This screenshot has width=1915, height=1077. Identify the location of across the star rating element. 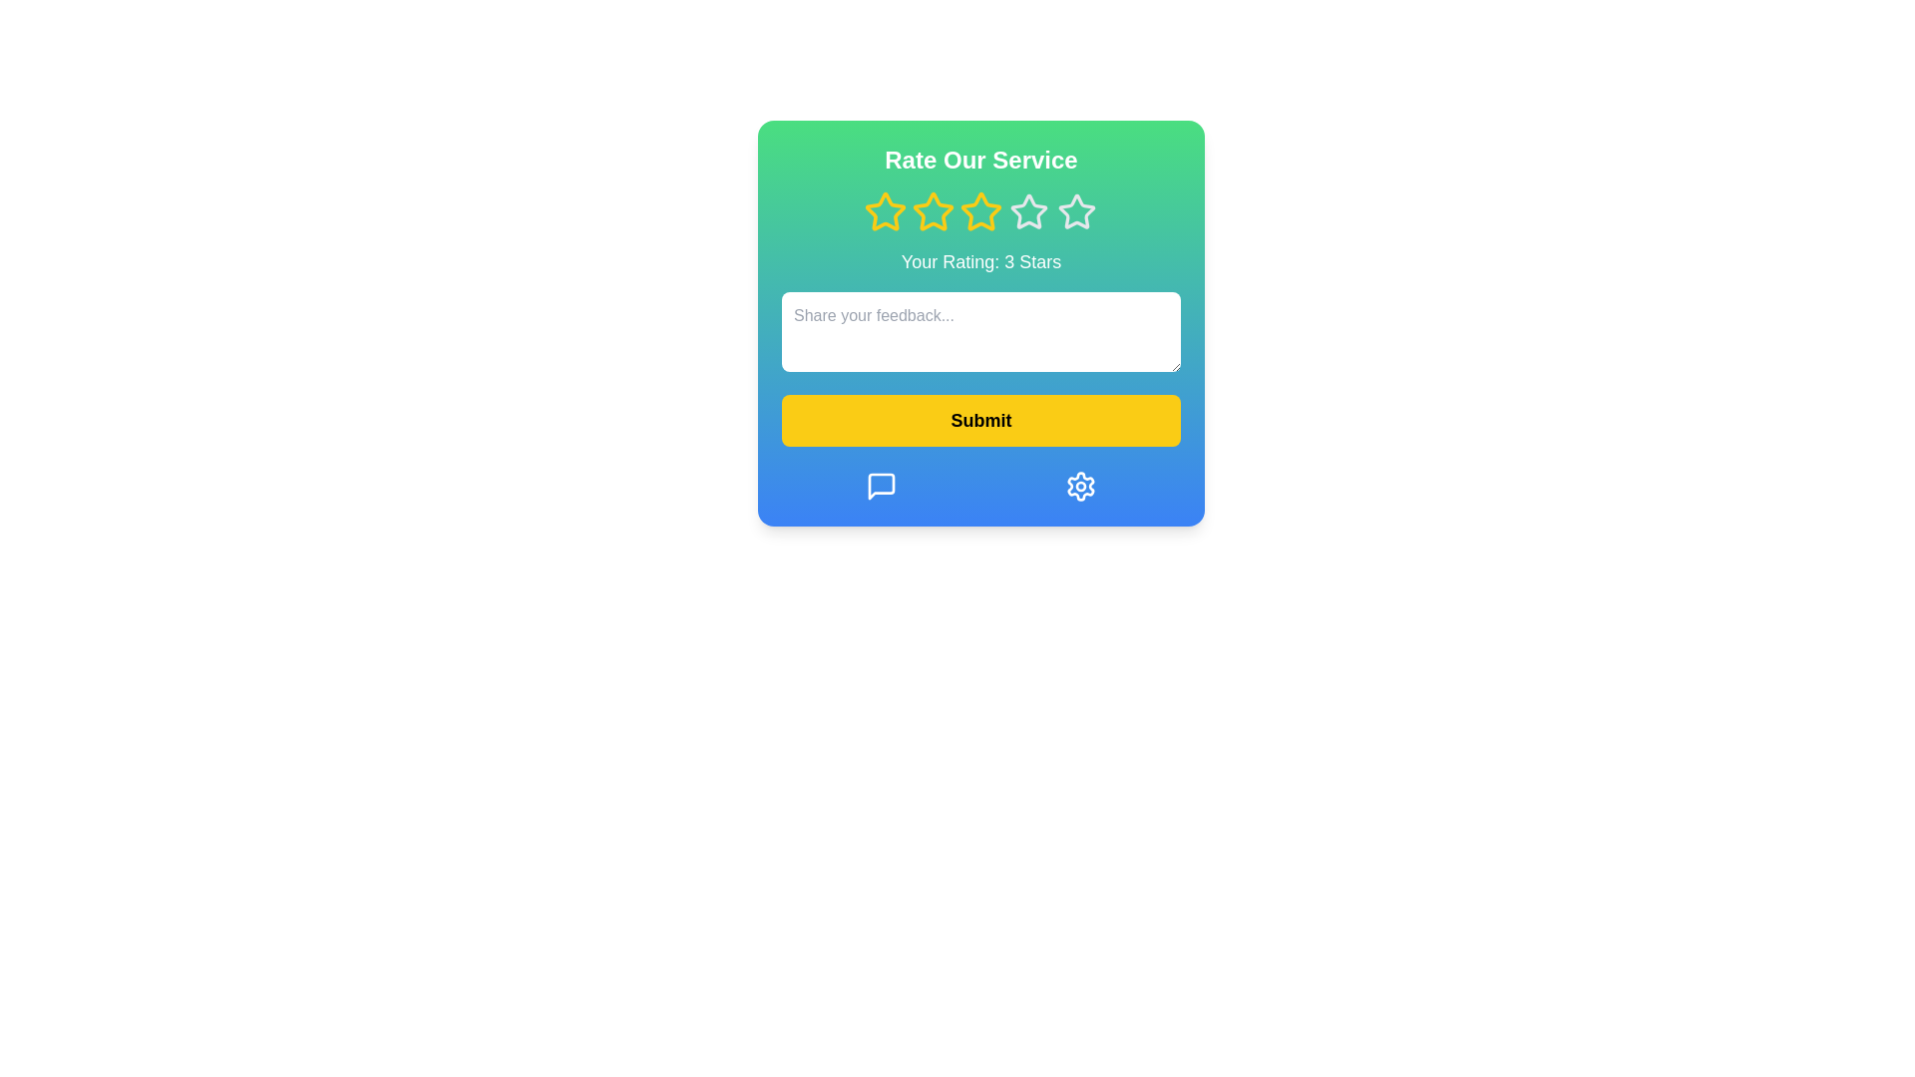
(980, 211).